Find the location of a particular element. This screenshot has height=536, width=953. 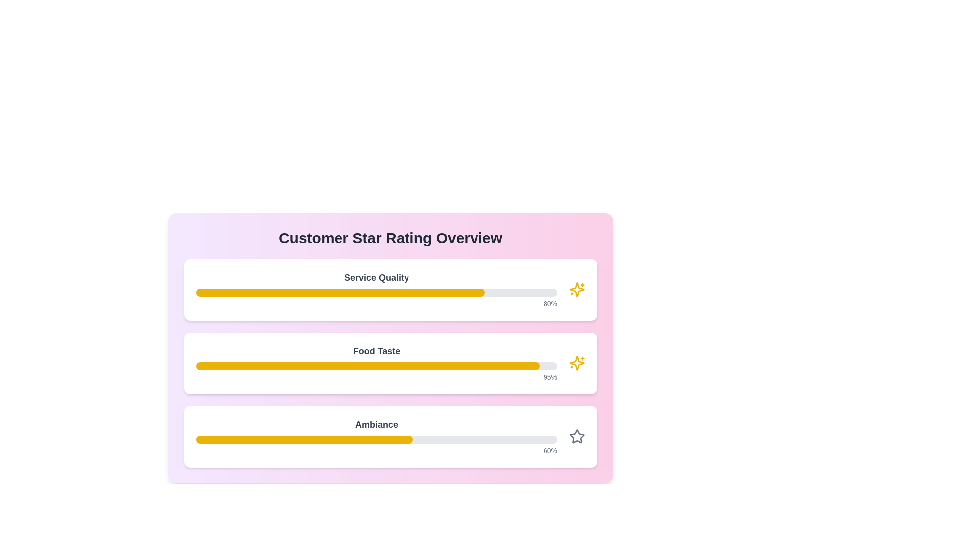

the yellow star-like SVG icon in the 'Food Taste' rating module, which is the second item among the three listed ratings is located at coordinates (577, 289).